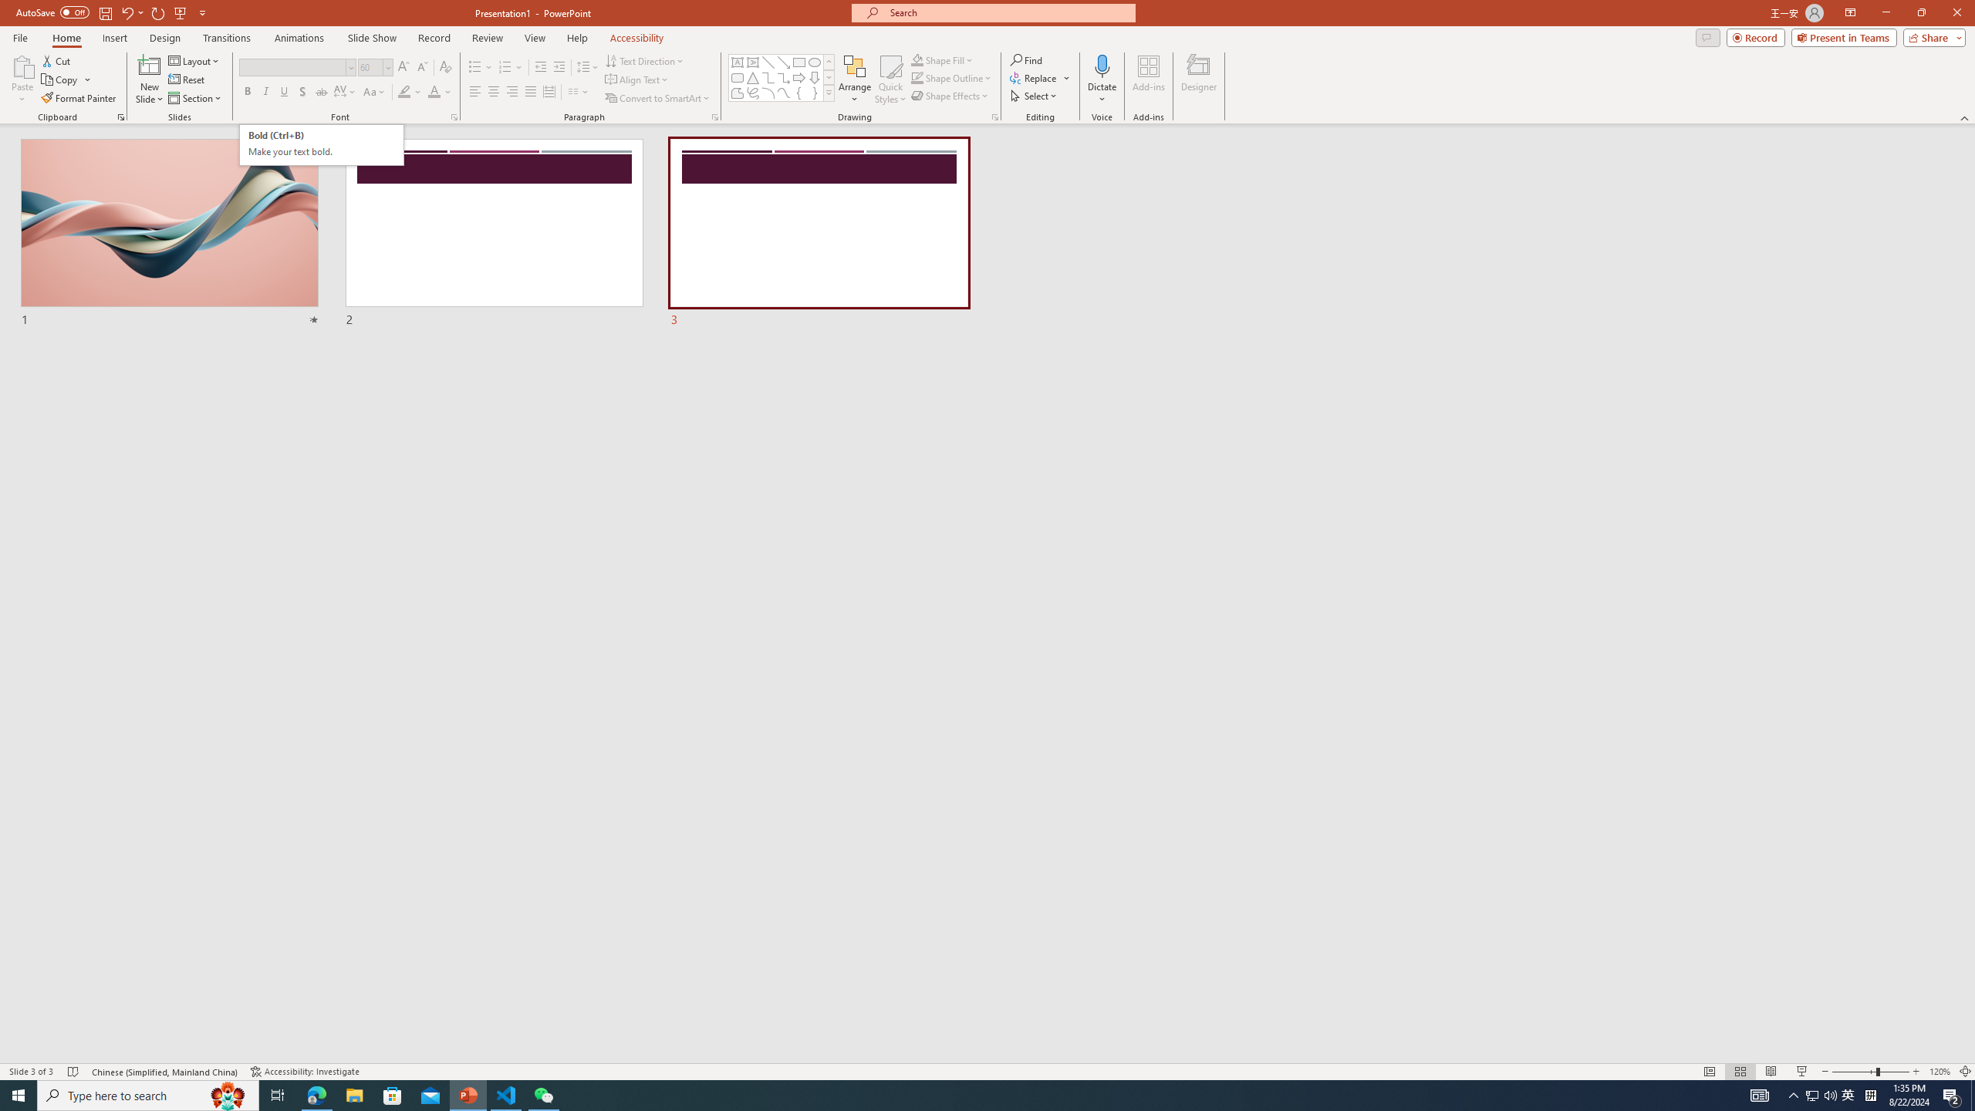  I want to click on 'Paste', so click(22, 65).